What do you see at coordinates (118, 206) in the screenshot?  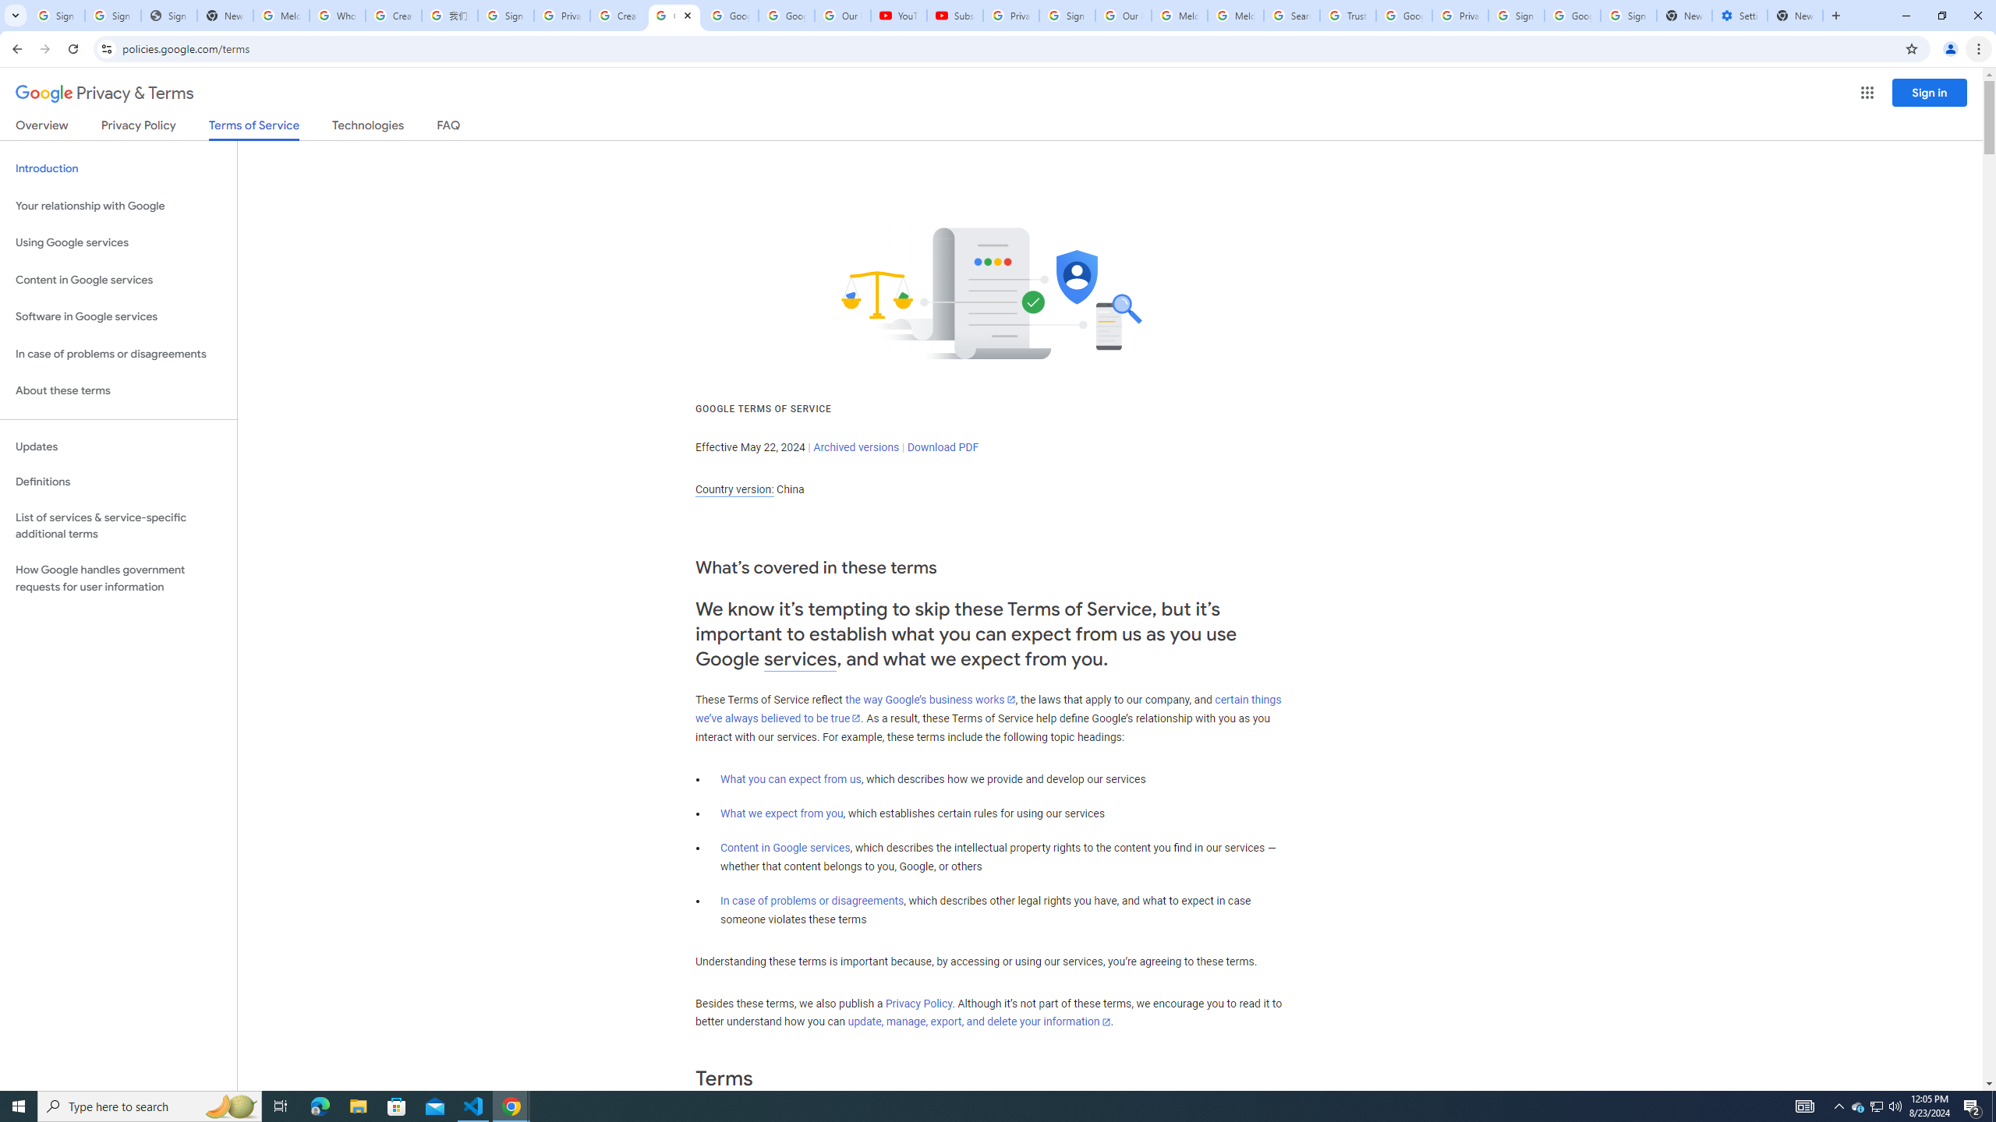 I see `'Your relationship with Google'` at bounding box center [118, 206].